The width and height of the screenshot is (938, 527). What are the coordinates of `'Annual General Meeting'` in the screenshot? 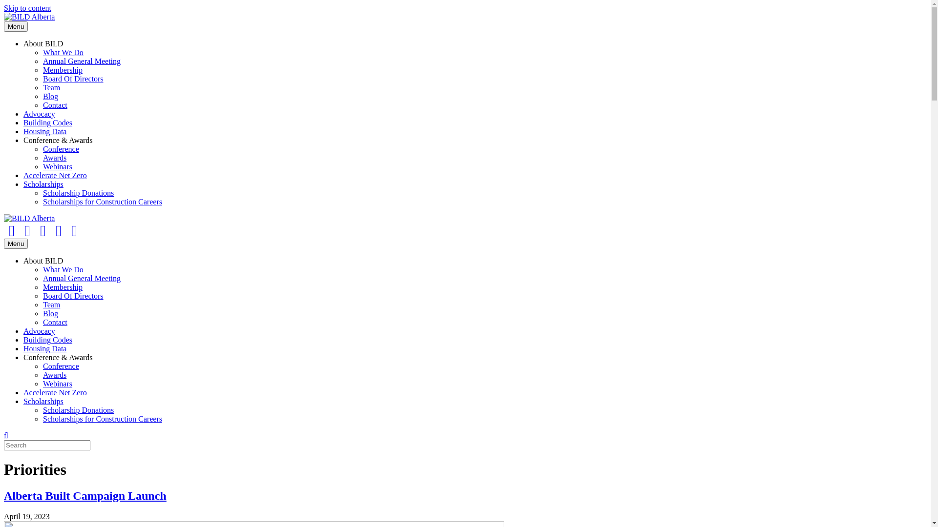 It's located at (82, 278).